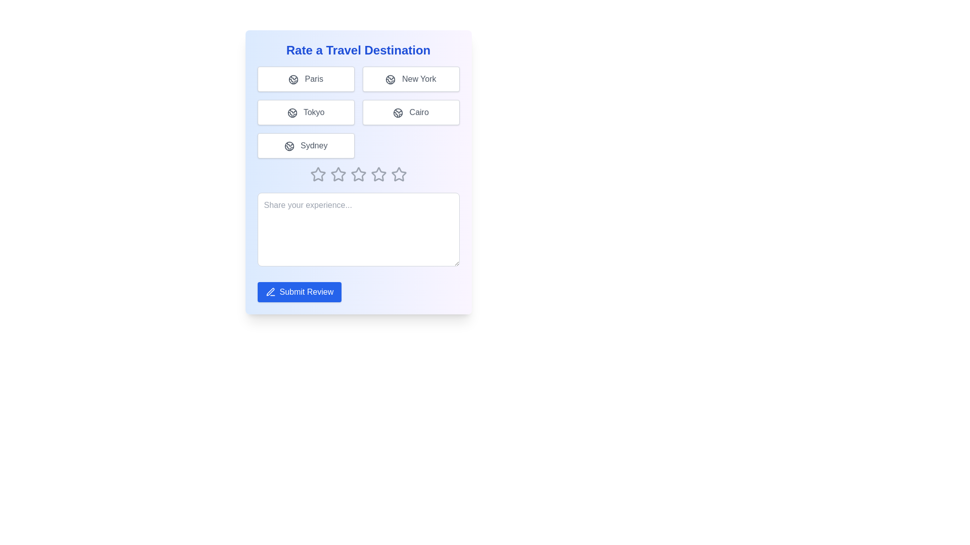  I want to click on the circular SVG element representing the globe icon, which is located at the leftmost area of the 'Sydney' button, so click(288, 146).